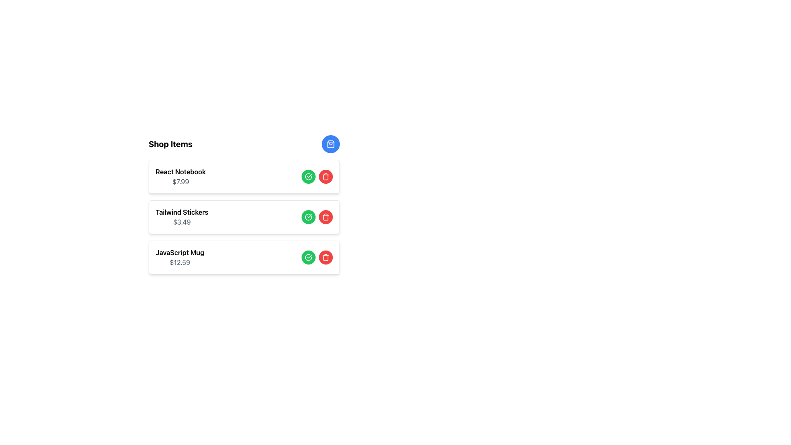 The height and width of the screenshot is (445, 791). I want to click on the Icon Button that confirms or verifies a product item in the second list item of the vertical product list, so click(308, 217).